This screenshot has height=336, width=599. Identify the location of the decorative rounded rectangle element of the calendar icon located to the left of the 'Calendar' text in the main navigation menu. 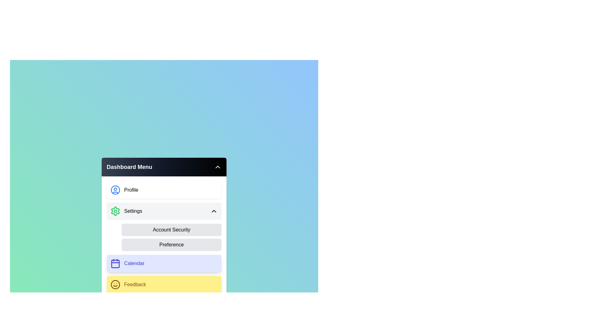
(115, 264).